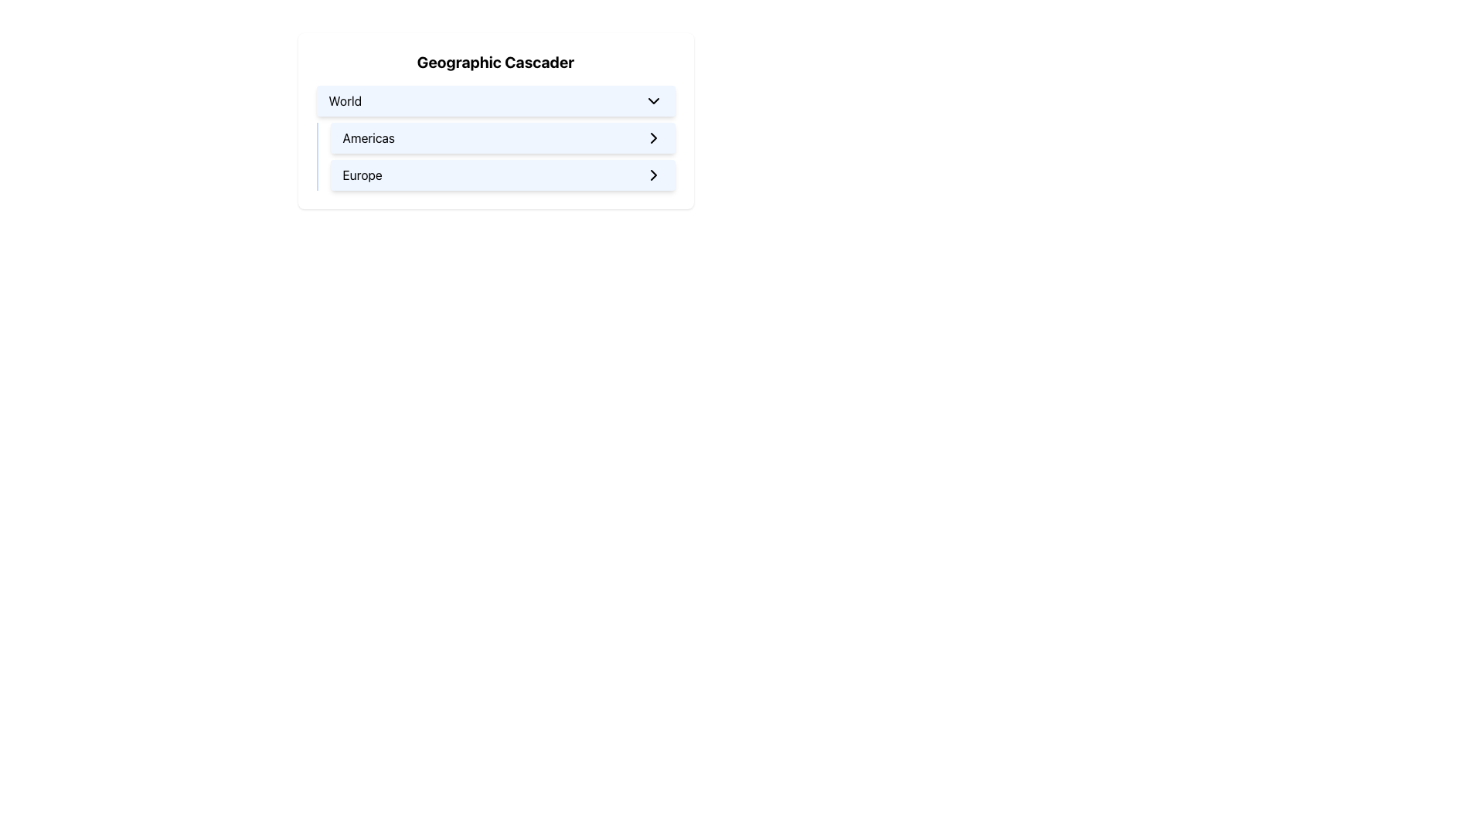 The height and width of the screenshot is (834, 1484). What do you see at coordinates (653, 137) in the screenshot?
I see `the right-pointing chevron icon located at the far right end of the 'Americas' option` at bounding box center [653, 137].